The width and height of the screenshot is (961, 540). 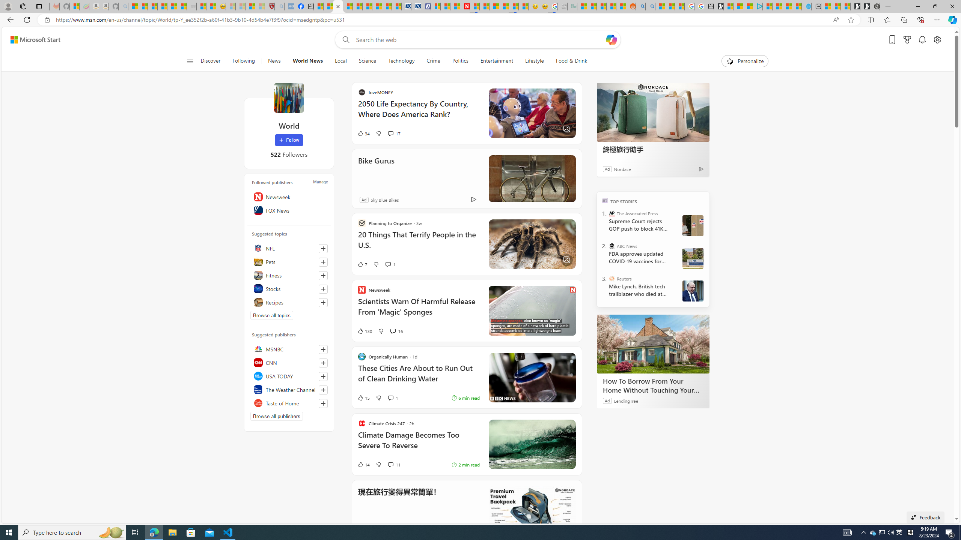 I want to click on 'Cheap Hotels - Save70.com', so click(x=416, y=6).